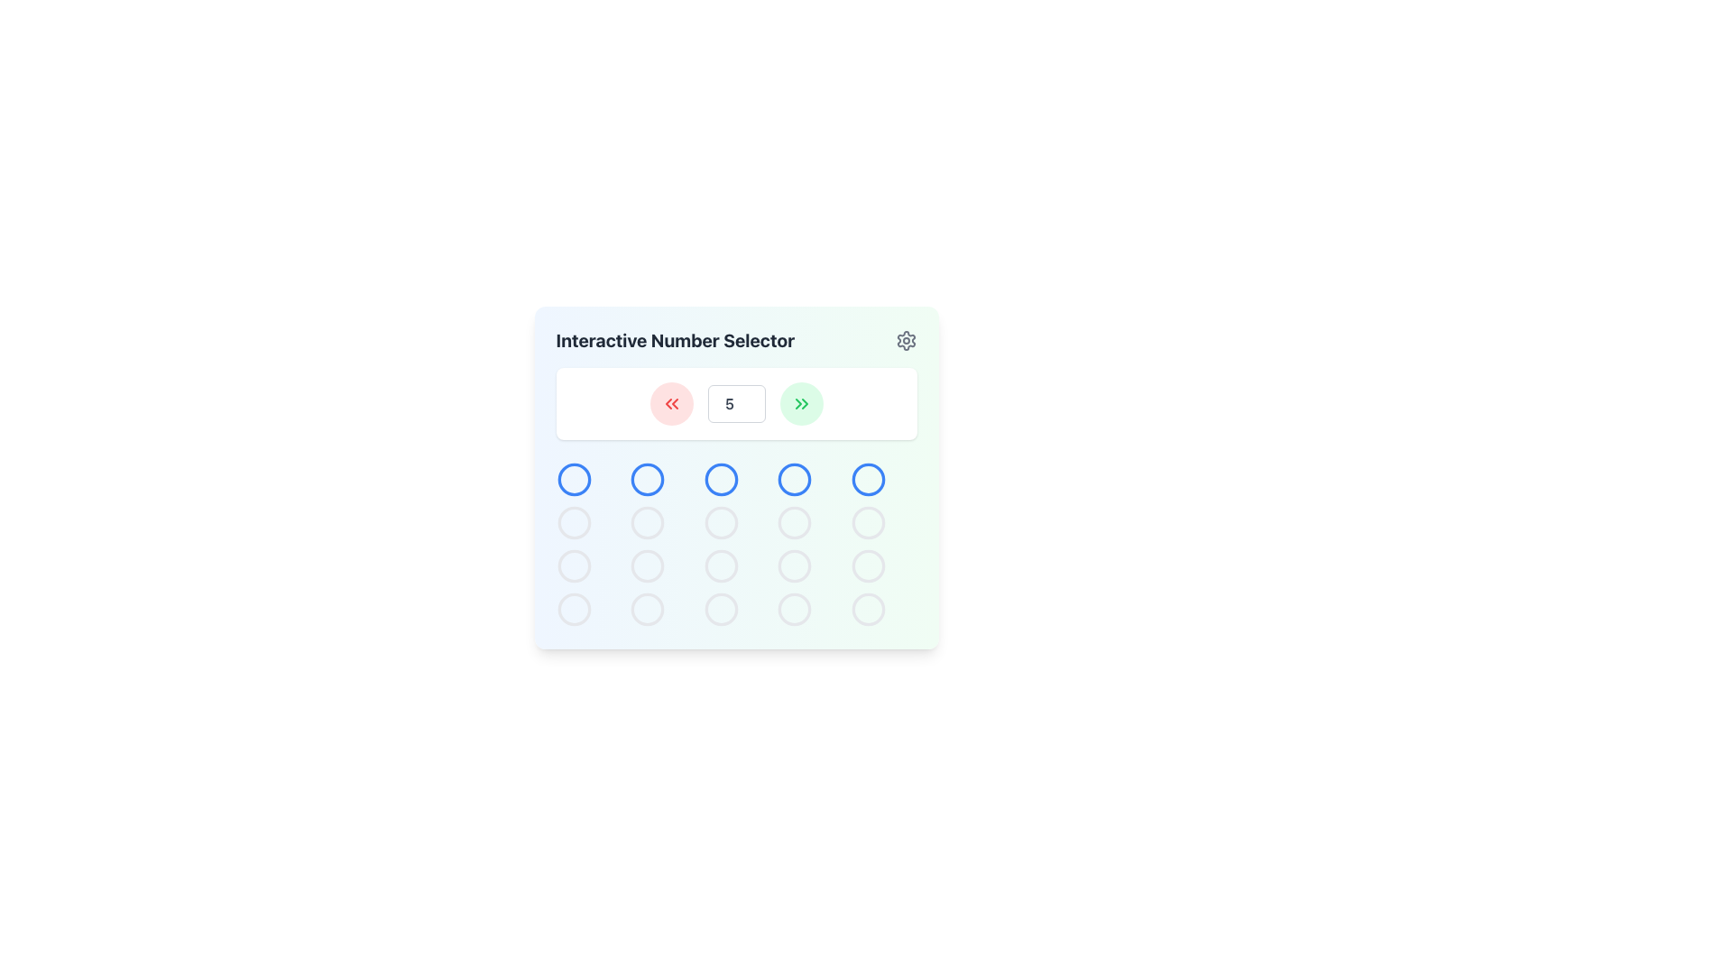  Describe the element at coordinates (868, 522) in the screenshot. I see `the circular visual marker located in the bottom-right corner of the grid layout` at that location.